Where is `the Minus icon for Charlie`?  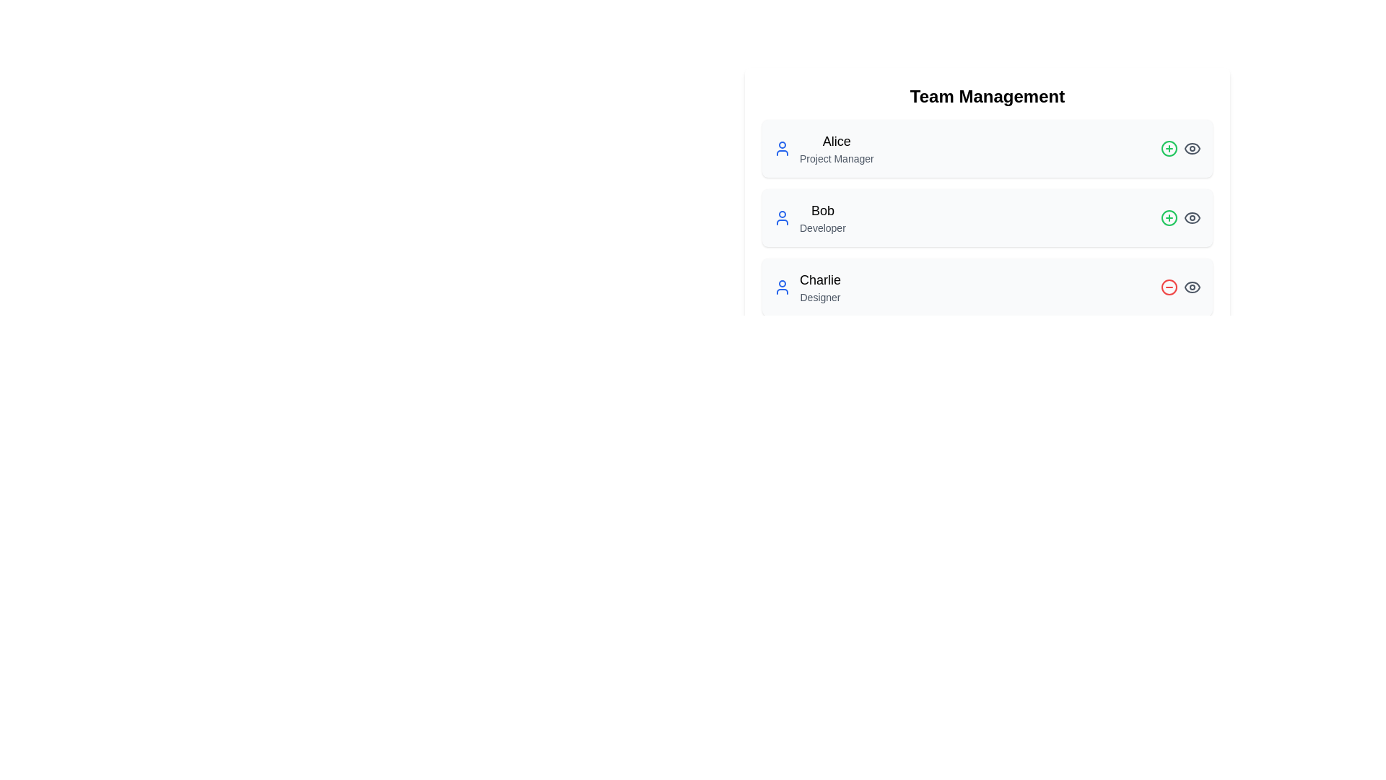 the Minus icon for Charlie is located at coordinates (1169, 287).